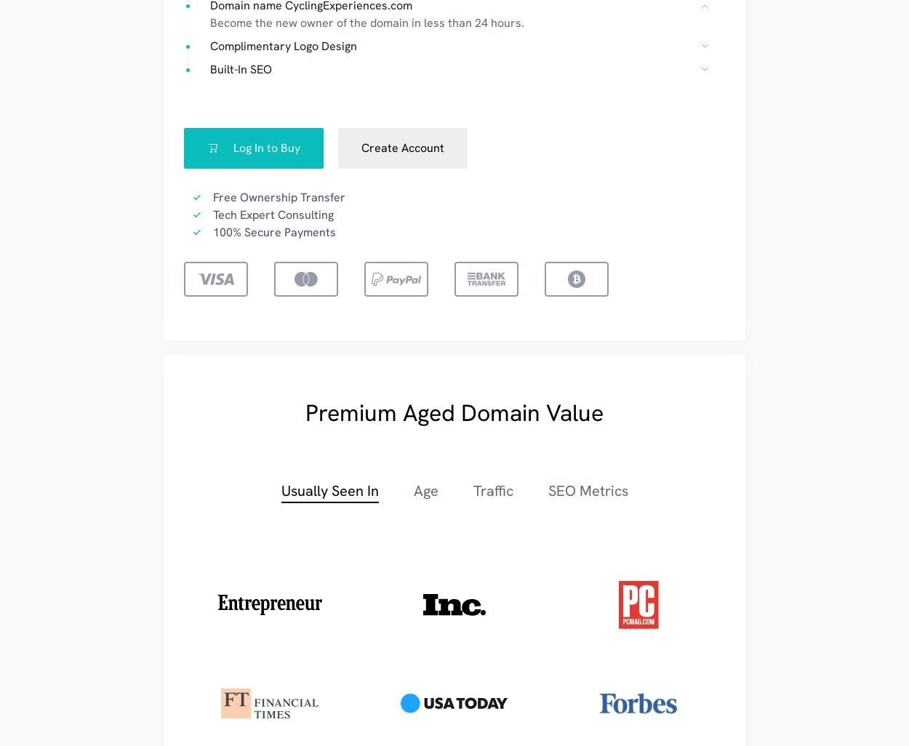 The height and width of the screenshot is (746, 909). What do you see at coordinates (361, 147) in the screenshot?
I see `'Create Account'` at bounding box center [361, 147].